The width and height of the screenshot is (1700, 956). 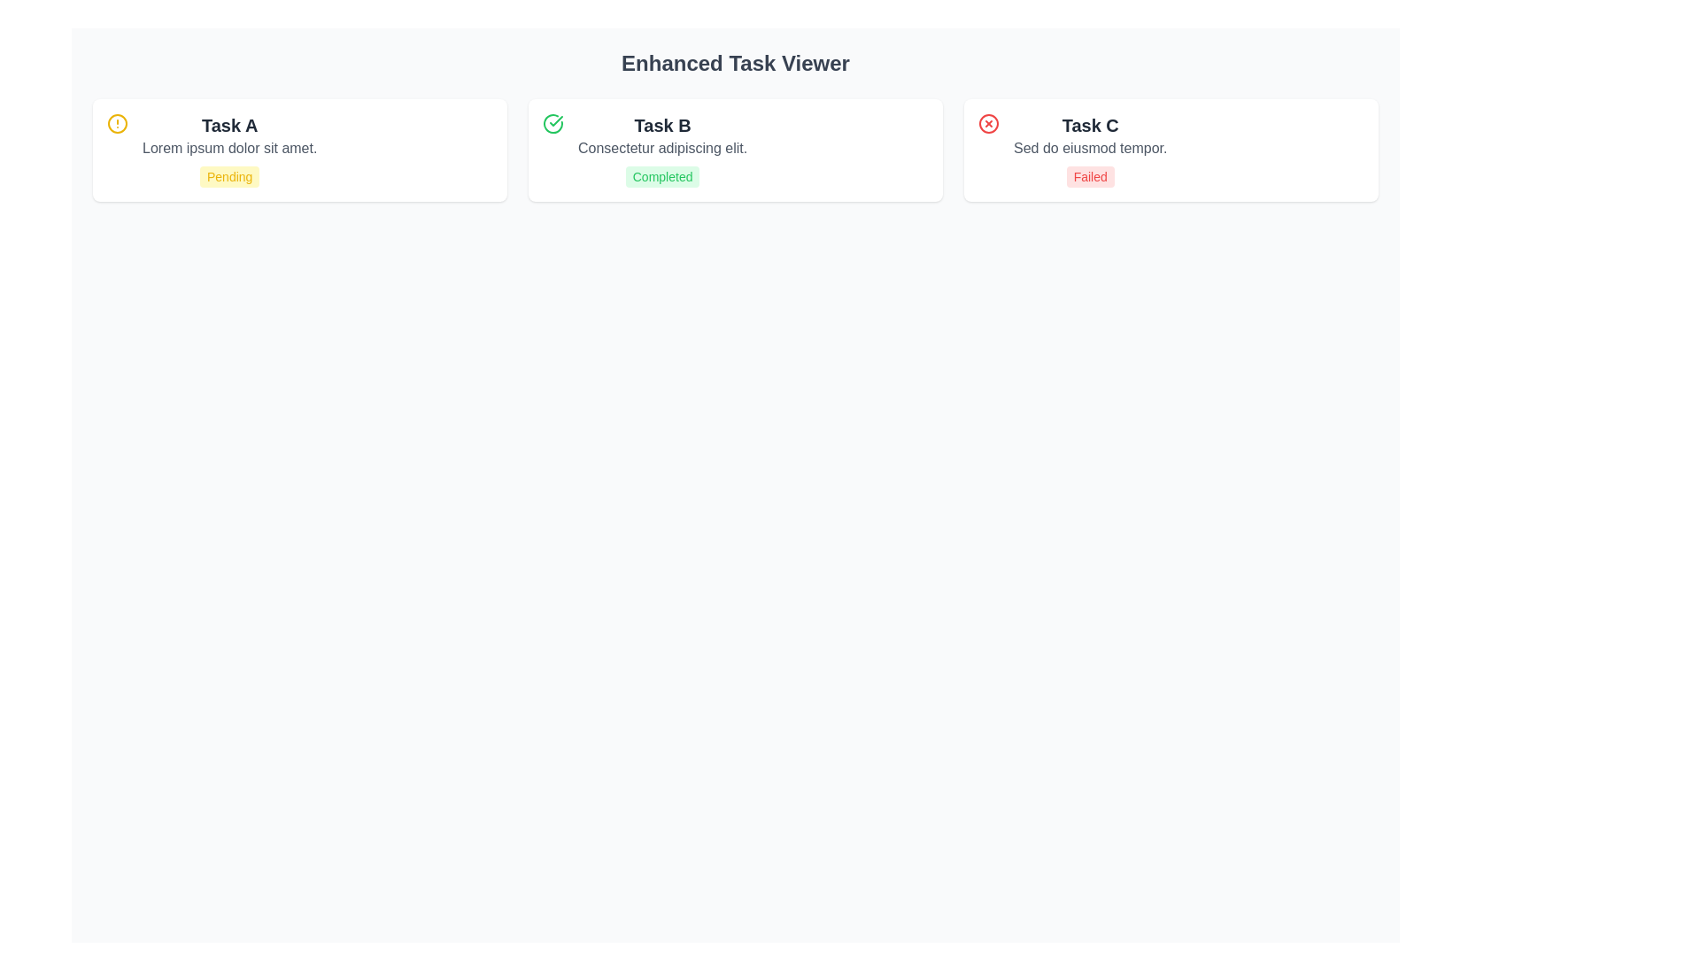 I want to click on the alert icon located in the upper left corner of the card labeled 'Task A', which serves as a visual indicator of the task's status, so click(x=117, y=122).